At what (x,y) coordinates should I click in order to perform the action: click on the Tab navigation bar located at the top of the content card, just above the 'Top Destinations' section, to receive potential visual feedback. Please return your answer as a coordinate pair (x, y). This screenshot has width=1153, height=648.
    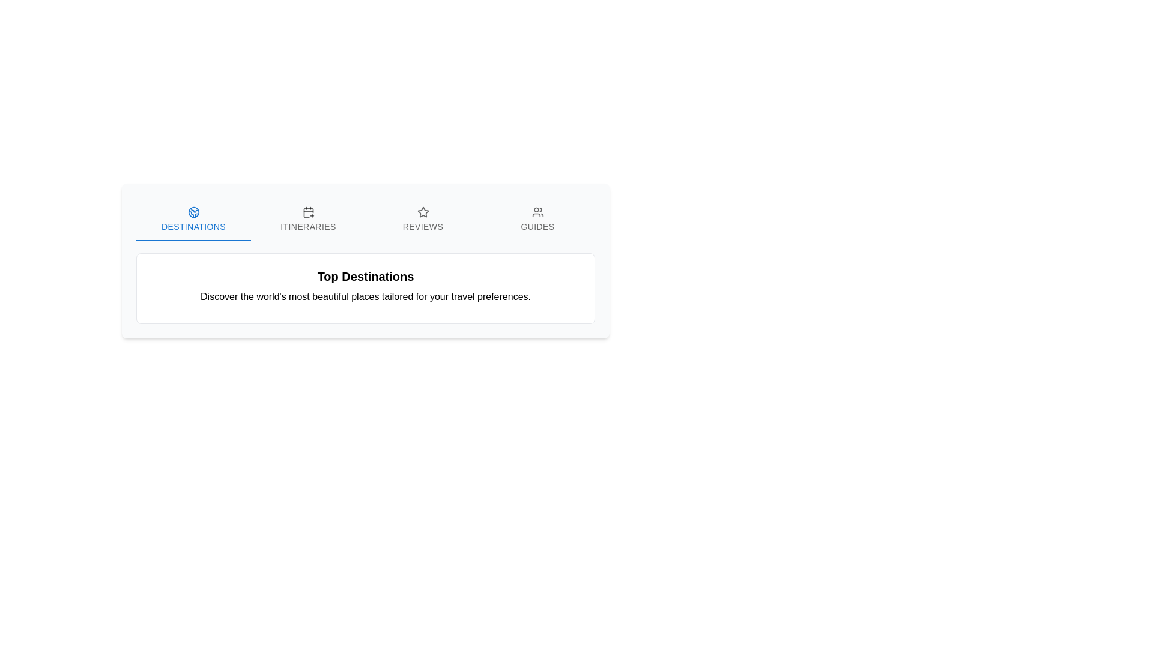
    Looking at the image, I should click on (365, 220).